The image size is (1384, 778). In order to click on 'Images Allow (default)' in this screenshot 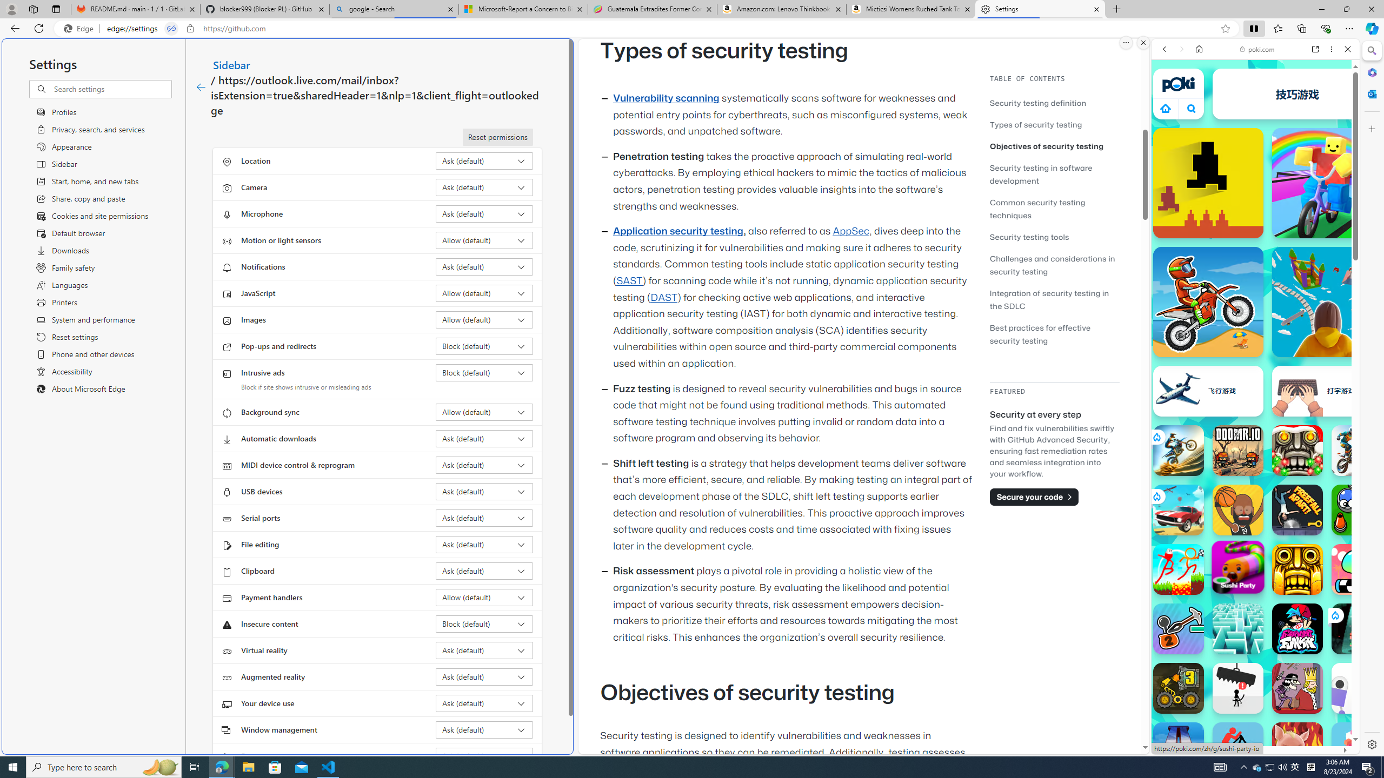, I will do `click(484, 319)`.